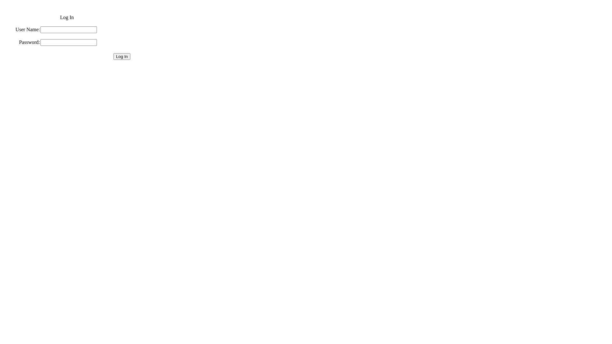 The image size is (612, 344). Describe the element at coordinates (122, 56) in the screenshot. I see `'Log In'` at that location.